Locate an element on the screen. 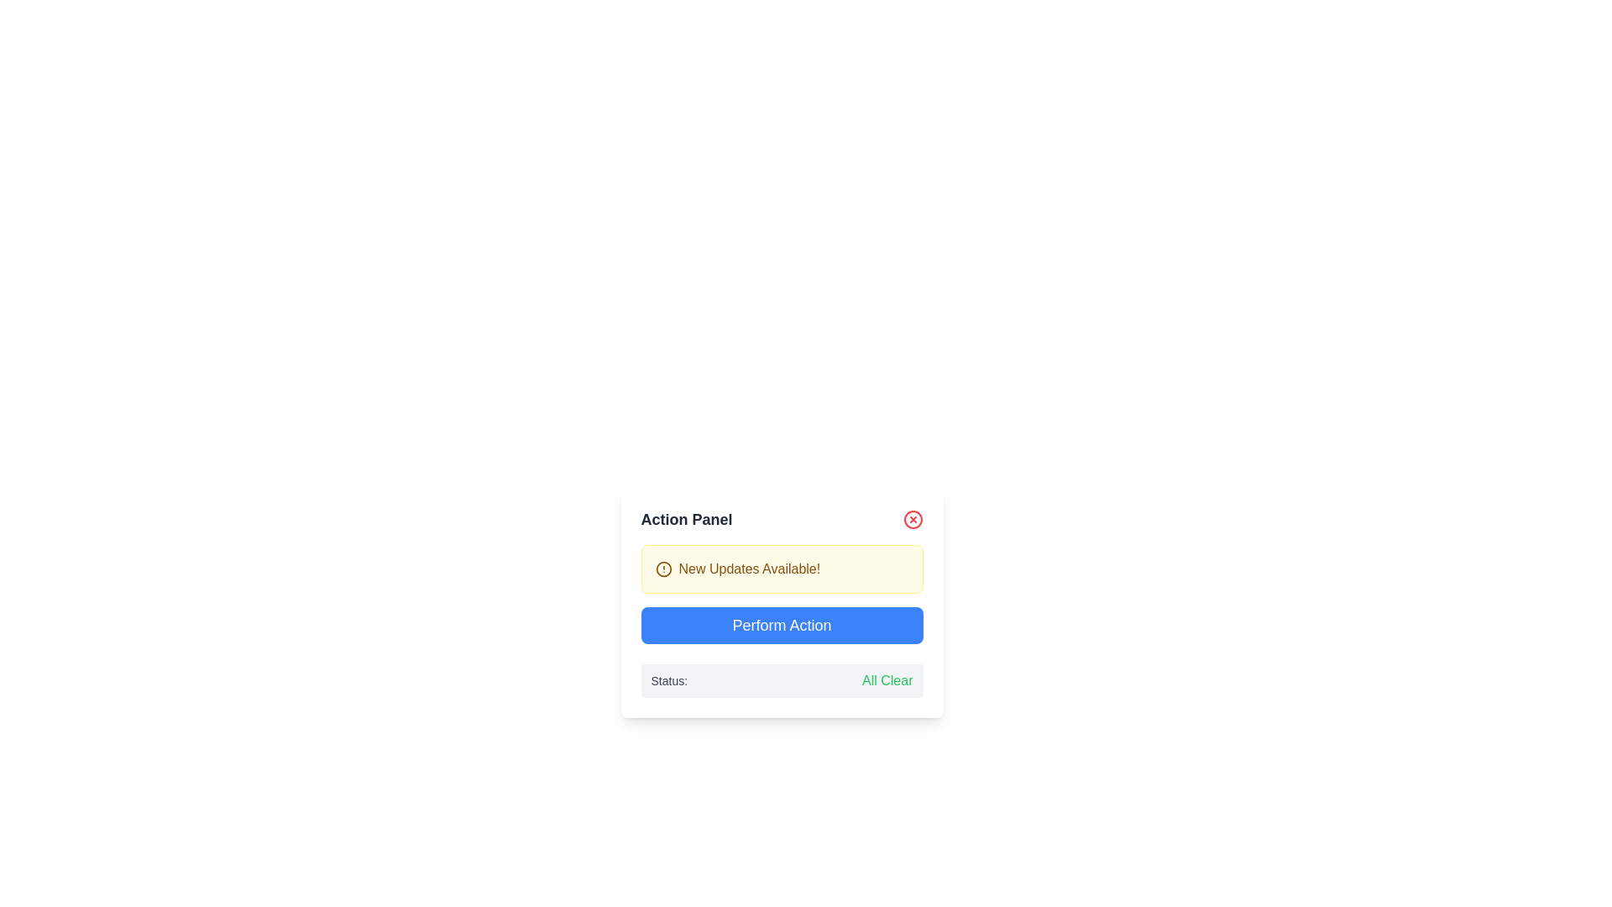 The image size is (1612, 907). the 'Perform Action' button located within the 'Action Panel', which has a white background and a title stating 'Action Panel' is located at coordinates (781, 601).